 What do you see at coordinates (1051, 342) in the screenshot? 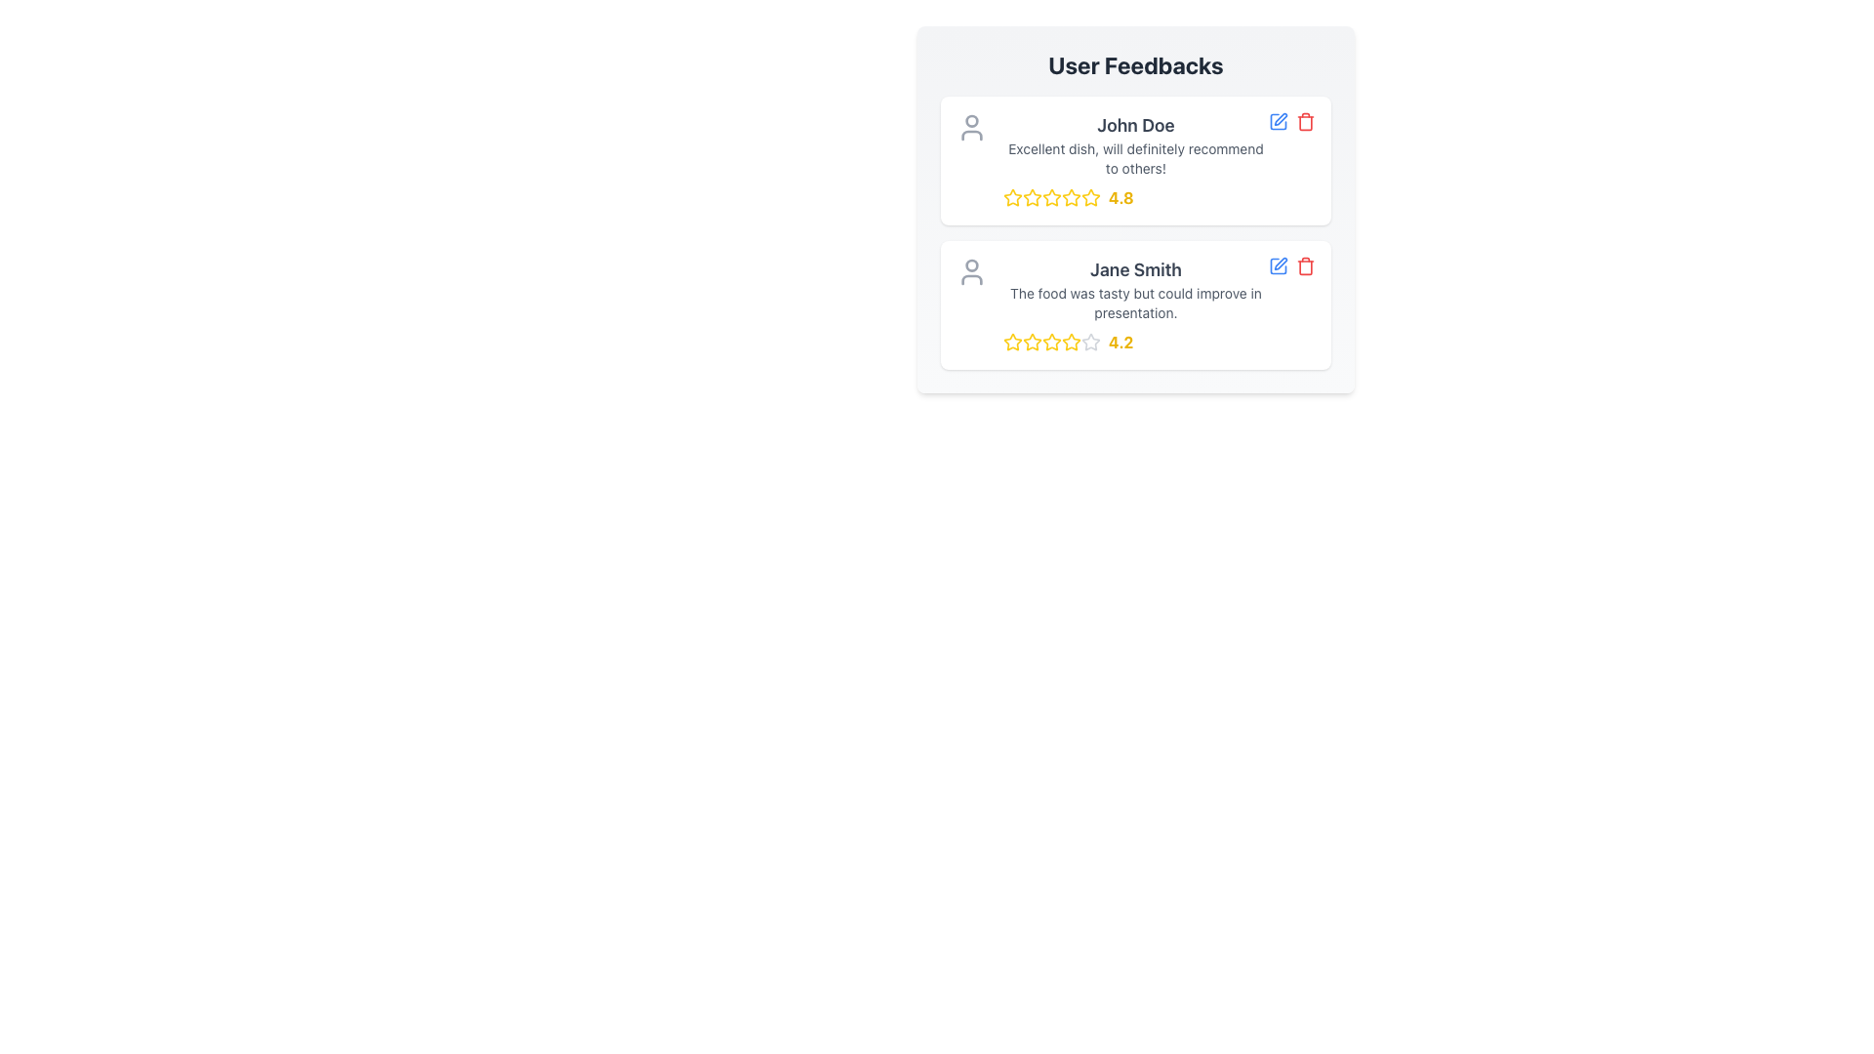
I see `the fourth star in the rating system, which visually represents a 4.2 rating, located before the text '4.2' in Jane Smith's review` at bounding box center [1051, 342].